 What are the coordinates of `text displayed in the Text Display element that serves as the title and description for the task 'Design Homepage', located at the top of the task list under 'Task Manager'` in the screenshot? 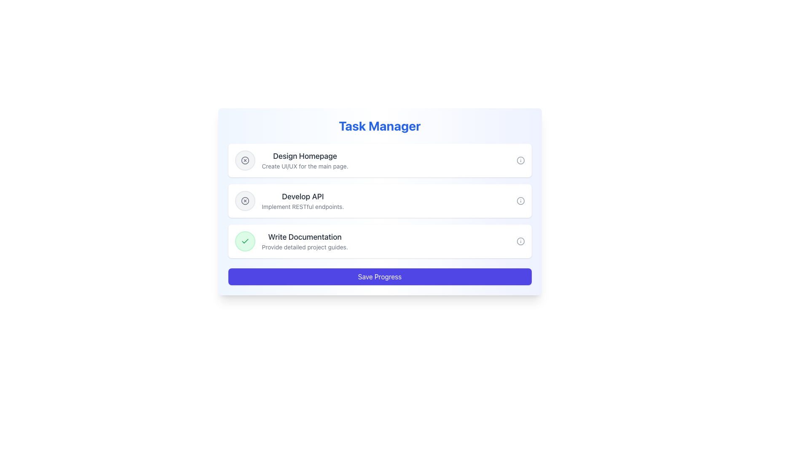 It's located at (305, 161).